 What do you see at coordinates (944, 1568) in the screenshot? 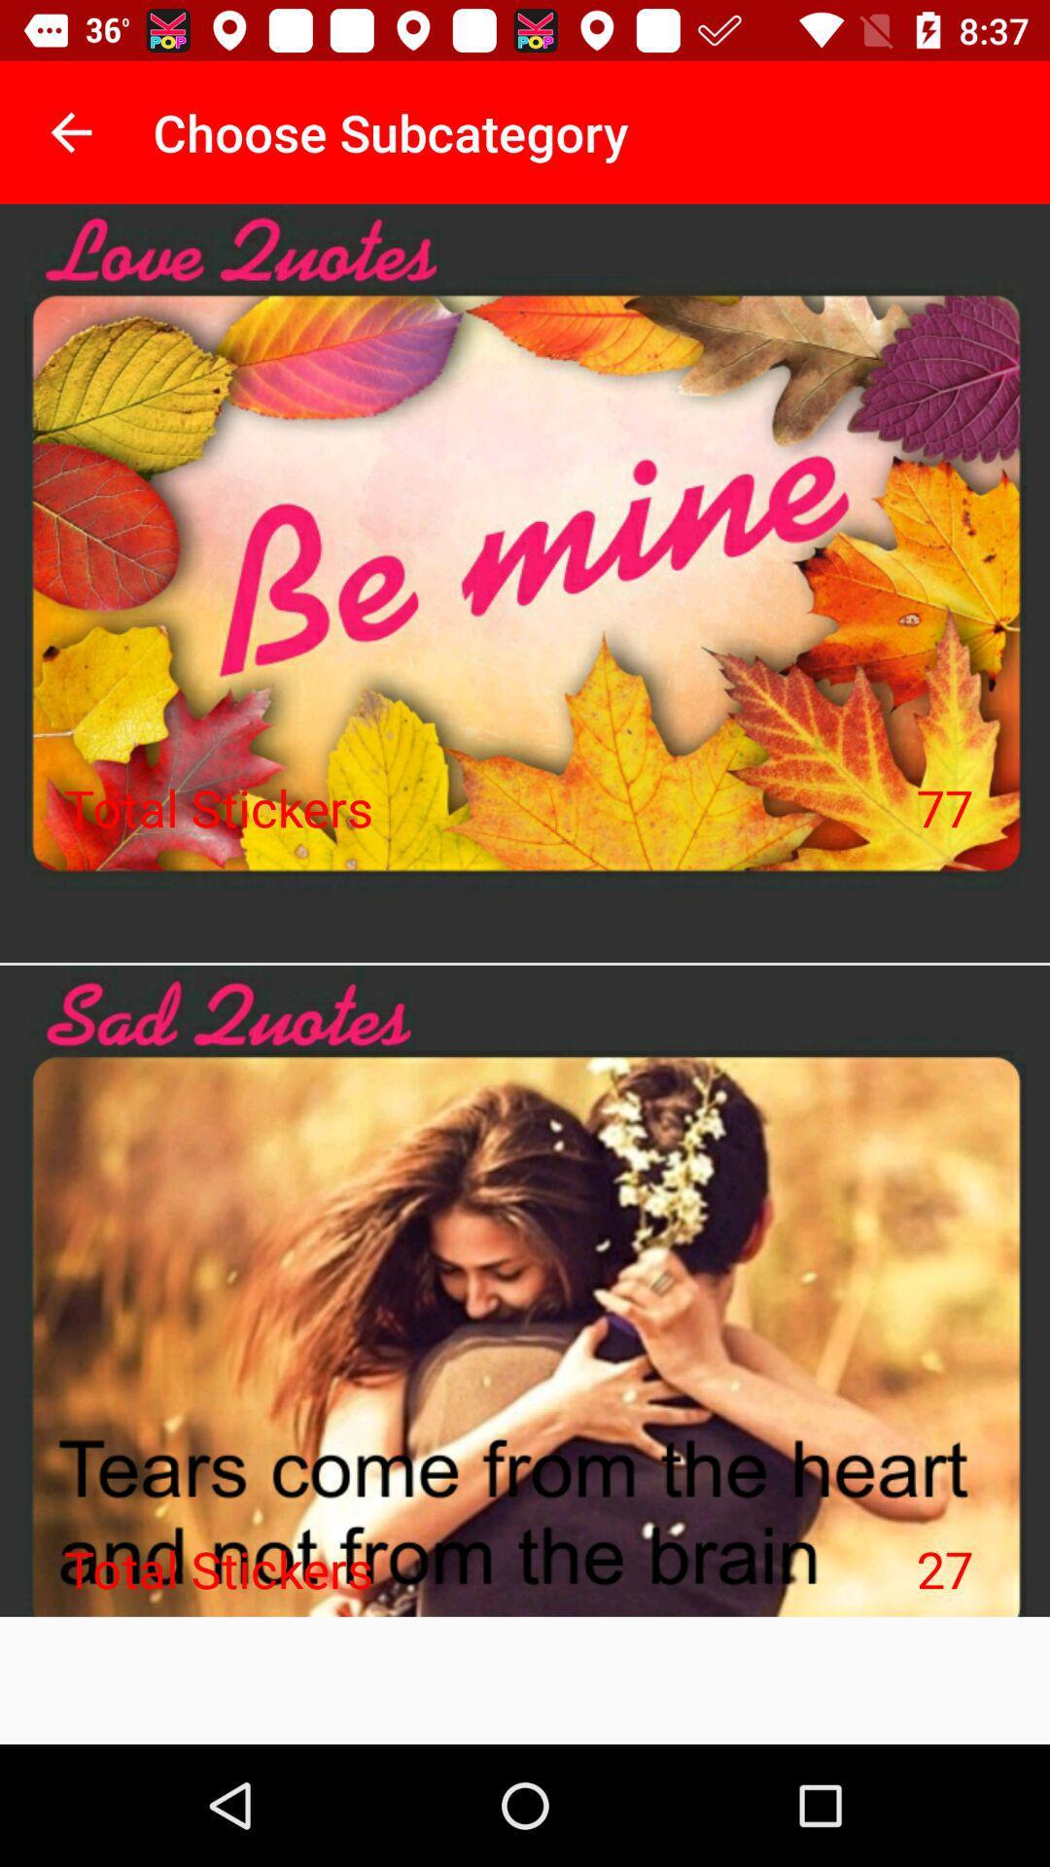
I see `27 at the bottom right corner` at bounding box center [944, 1568].